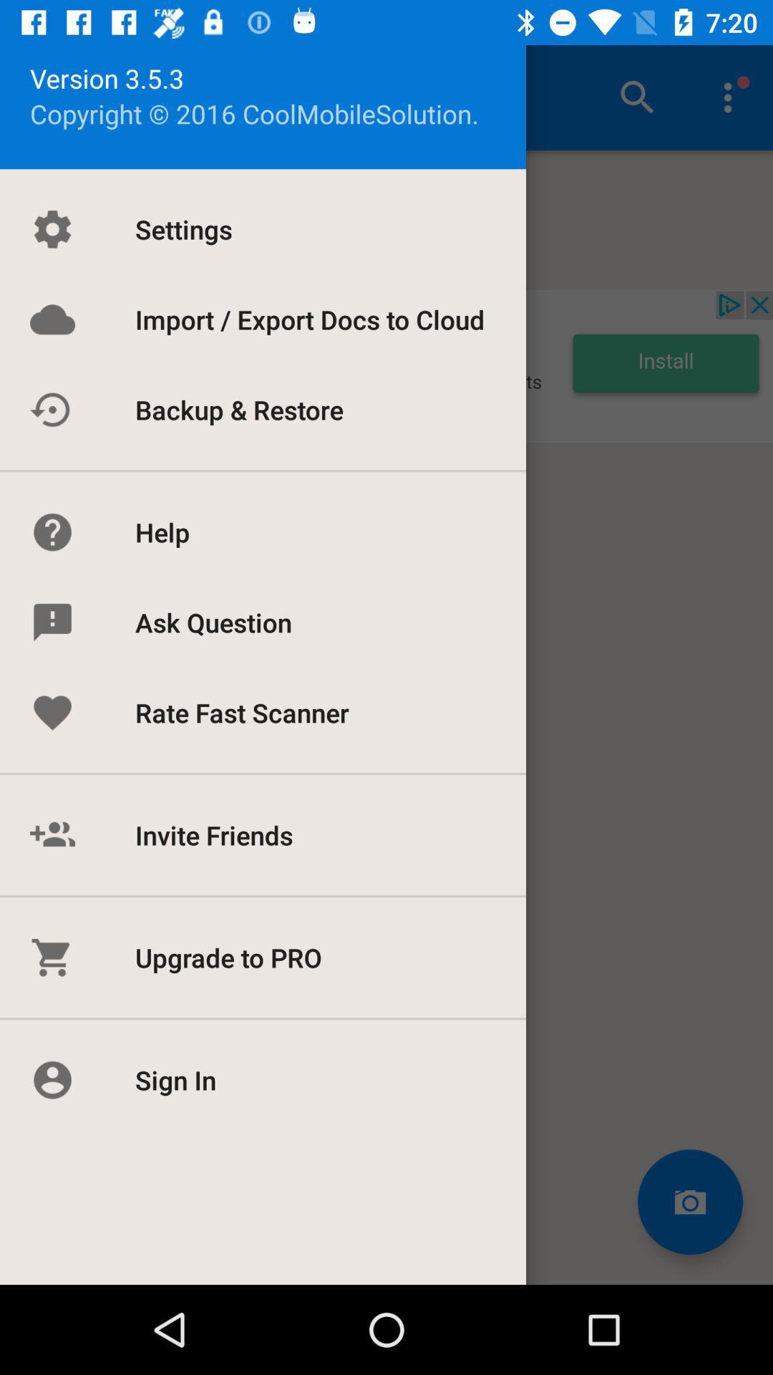 This screenshot has height=1375, width=773. I want to click on the icon at the top right of the page, so click(637, 97).